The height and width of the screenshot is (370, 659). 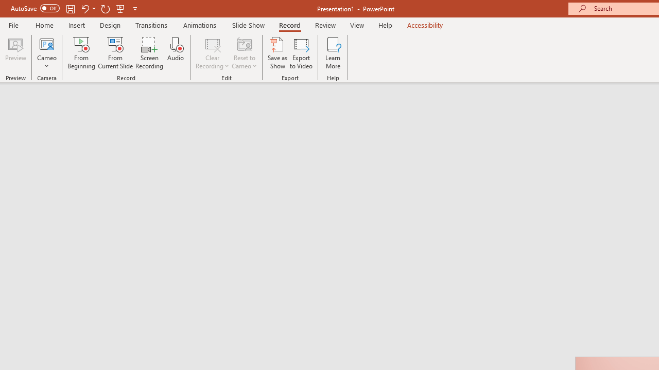 What do you see at coordinates (81, 53) in the screenshot?
I see `'From Beginning...'` at bounding box center [81, 53].